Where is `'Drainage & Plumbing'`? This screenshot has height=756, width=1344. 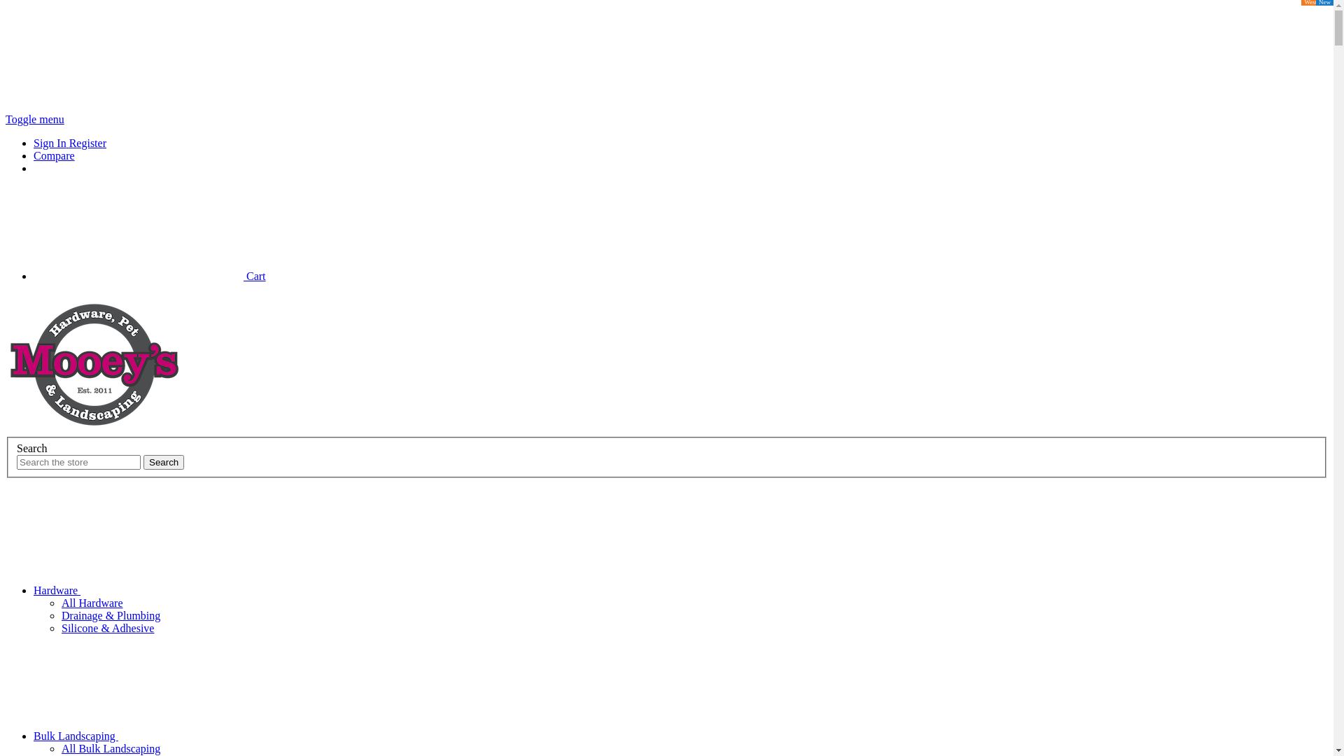 'Drainage & Plumbing' is located at coordinates (110, 615).